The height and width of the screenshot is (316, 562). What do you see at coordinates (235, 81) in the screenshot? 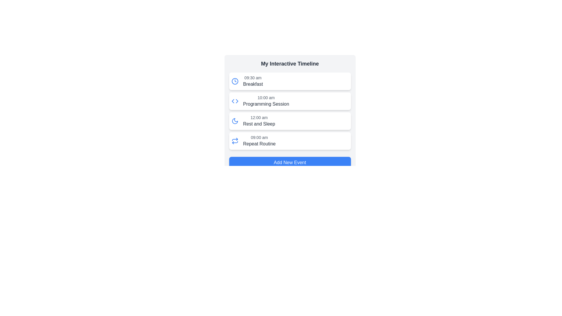
I see `the icon located to the immediate left of the text '09:30 am Breakfast' in the top row of the event list, which serves as a visual cue for the schedule` at bounding box center [235, 81].